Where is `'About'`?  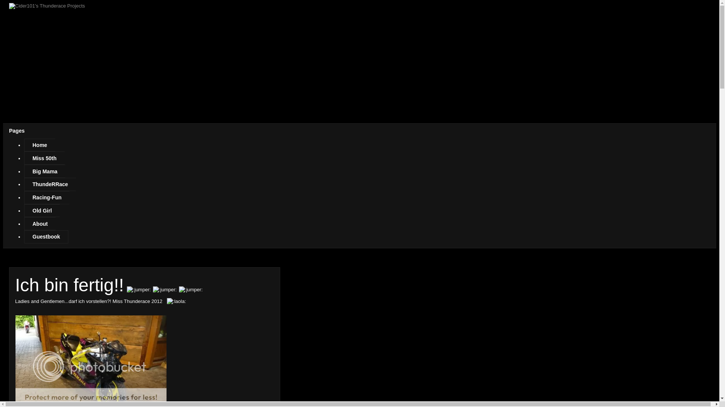 'About' is located at coordinates (24, 223).